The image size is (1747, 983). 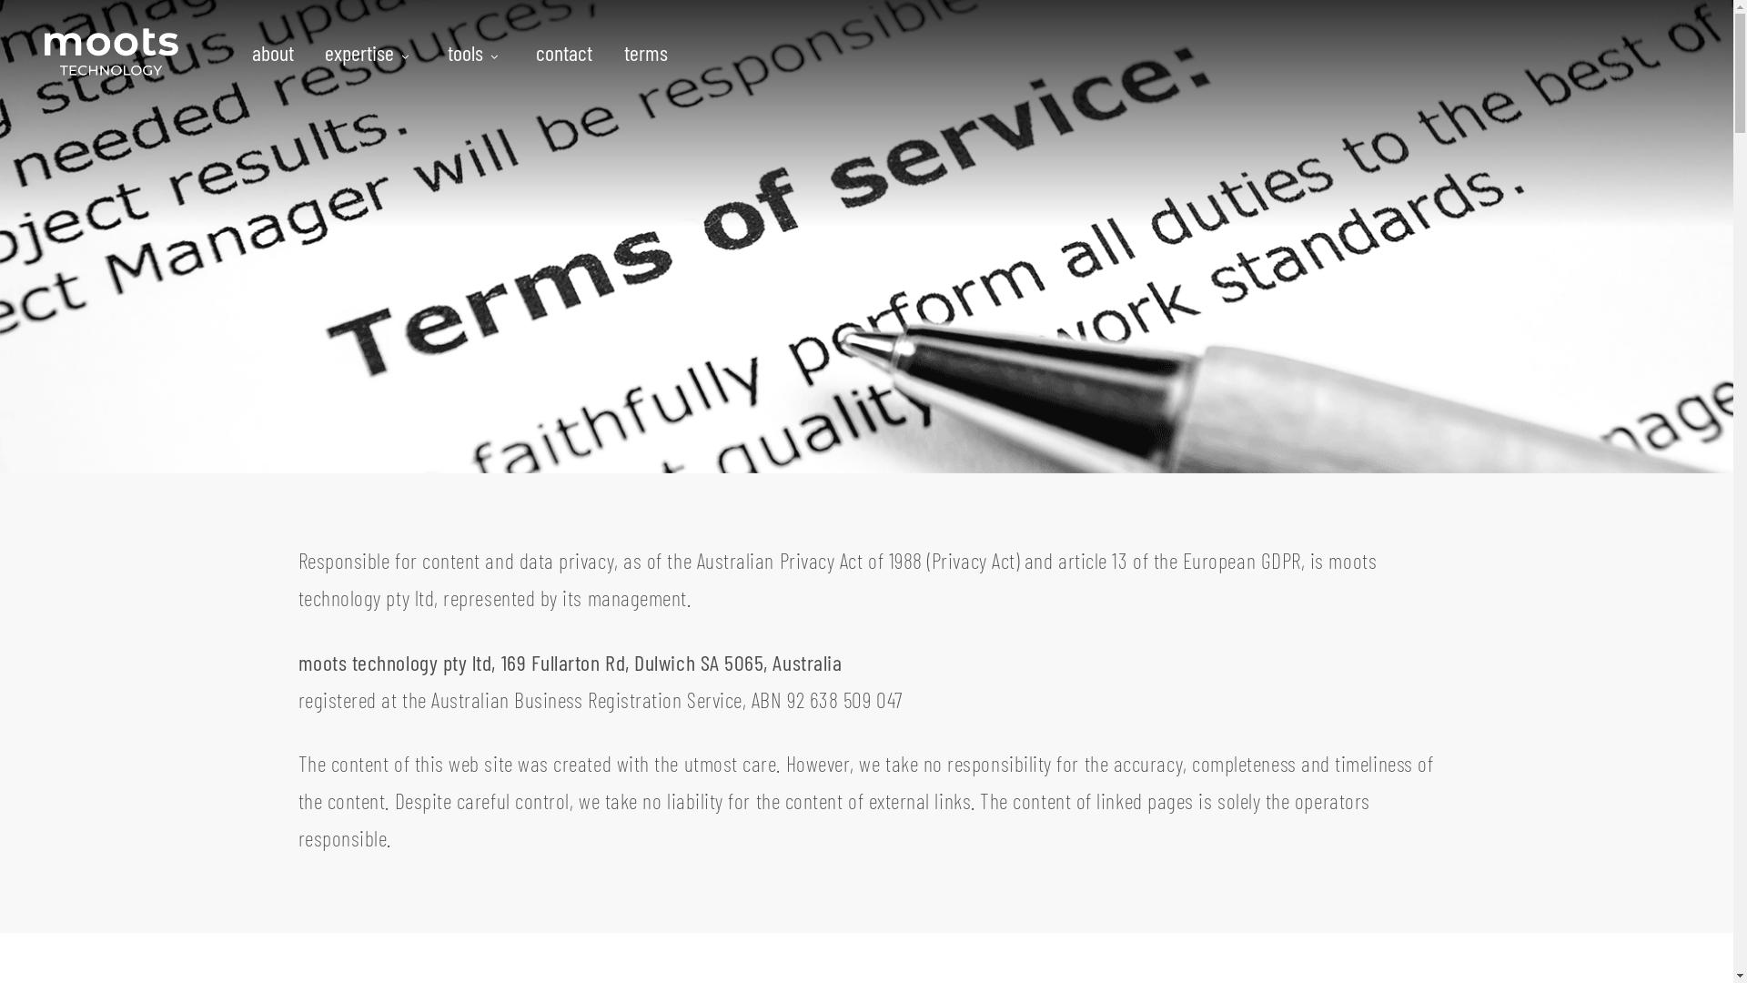 What do you see at coordinates (109, 51) in the screenshot?
I see `'moots technology'` at bounding box center [109, 51].